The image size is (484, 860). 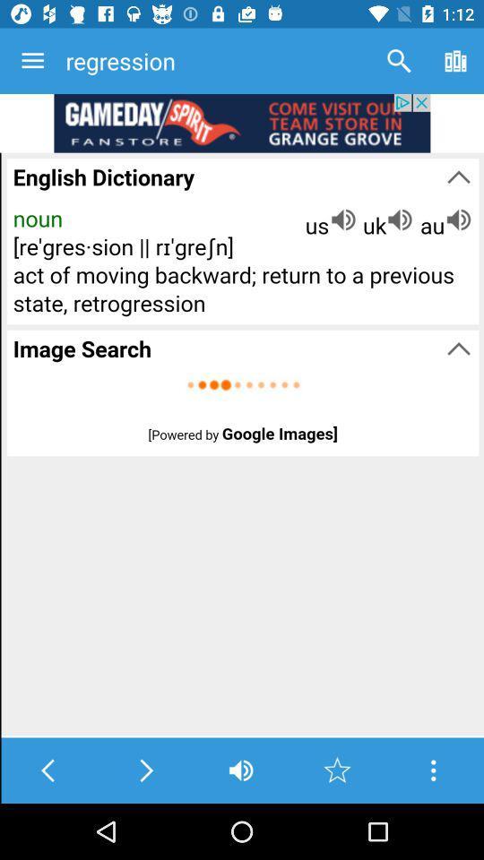 What do you see at coordinates (242, 122) in the screenshot?
I see `show outside advertisement` at bounding box center [242, 122].